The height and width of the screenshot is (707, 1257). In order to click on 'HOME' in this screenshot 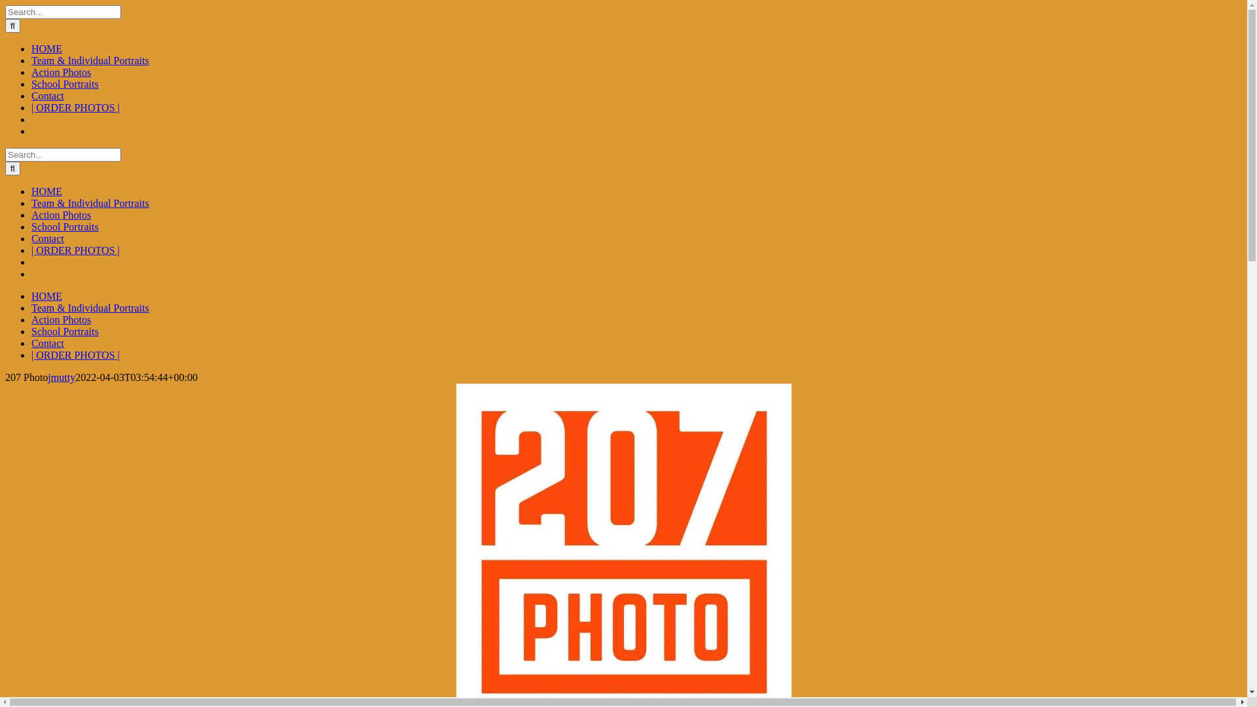, I will do `click(46, 191)`.